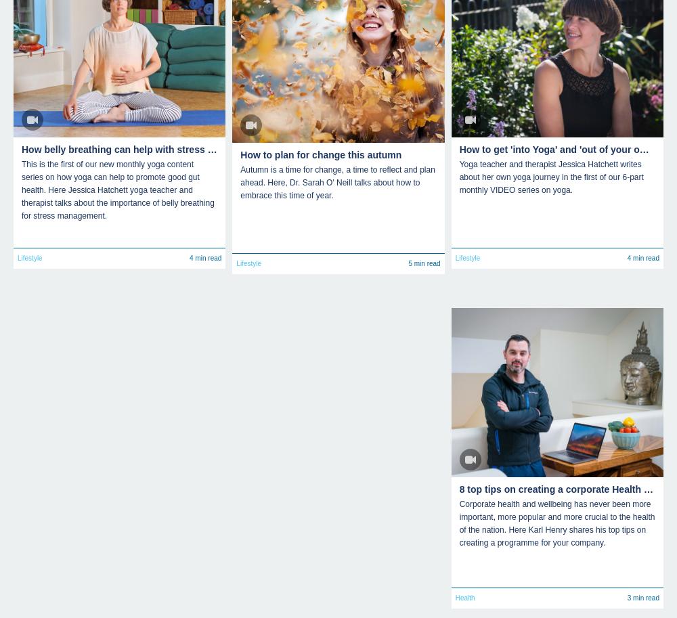  Describe the element at coordinates (642, 596) in the screenshot. I see `'3 min read'` at that location.